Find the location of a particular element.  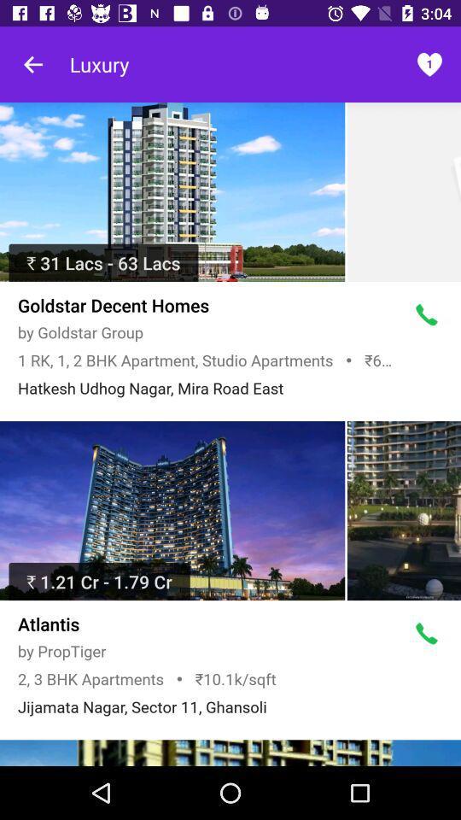

this property is located at coordinates (172, 192).